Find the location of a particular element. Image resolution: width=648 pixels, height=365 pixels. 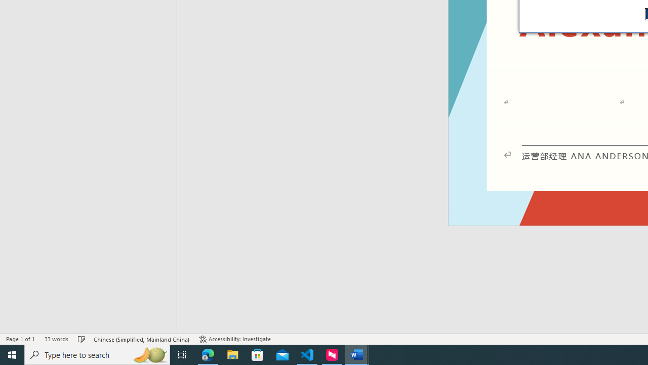

'Start' is located at coordinates (12, 354).